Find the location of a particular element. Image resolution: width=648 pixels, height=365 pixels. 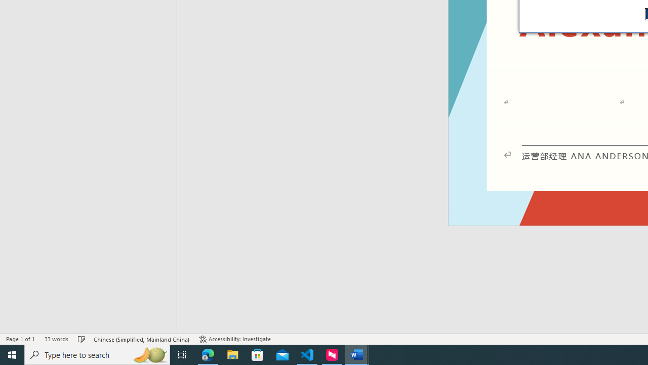

'Start' is located at coordinates (12, 354).